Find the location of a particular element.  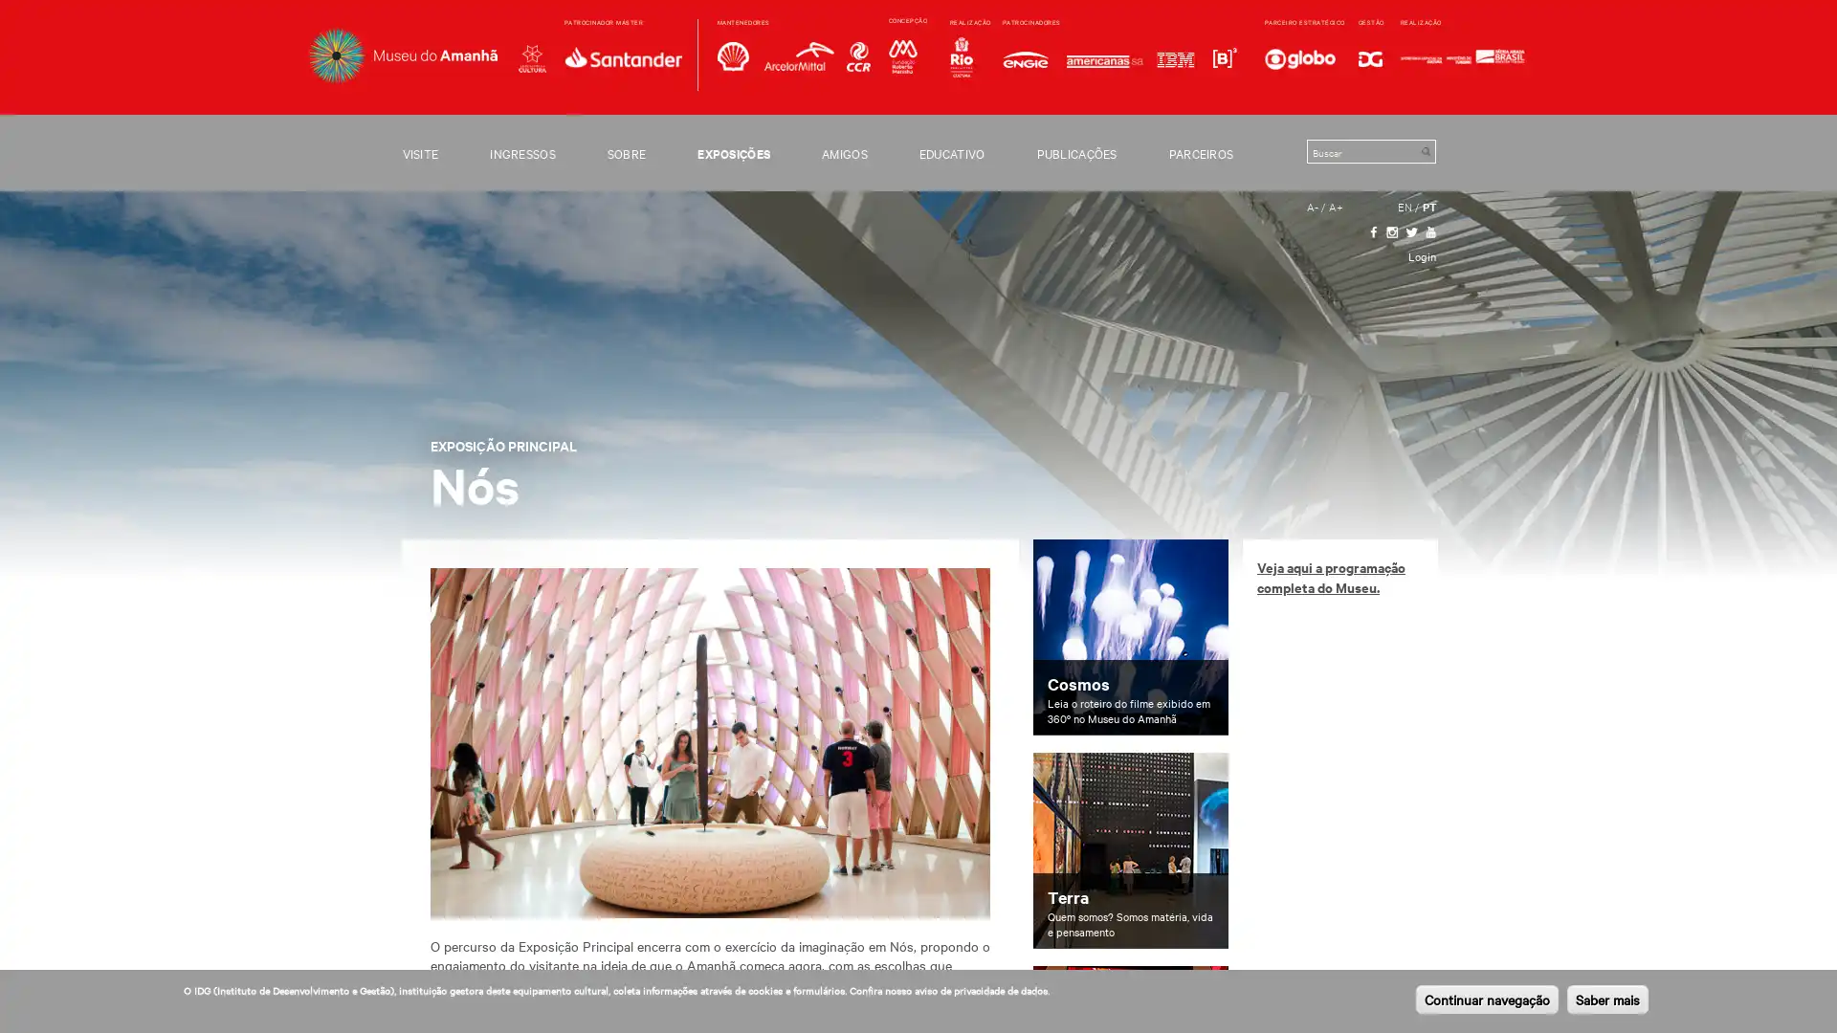

Submit is located at coordinates (1425, 150).